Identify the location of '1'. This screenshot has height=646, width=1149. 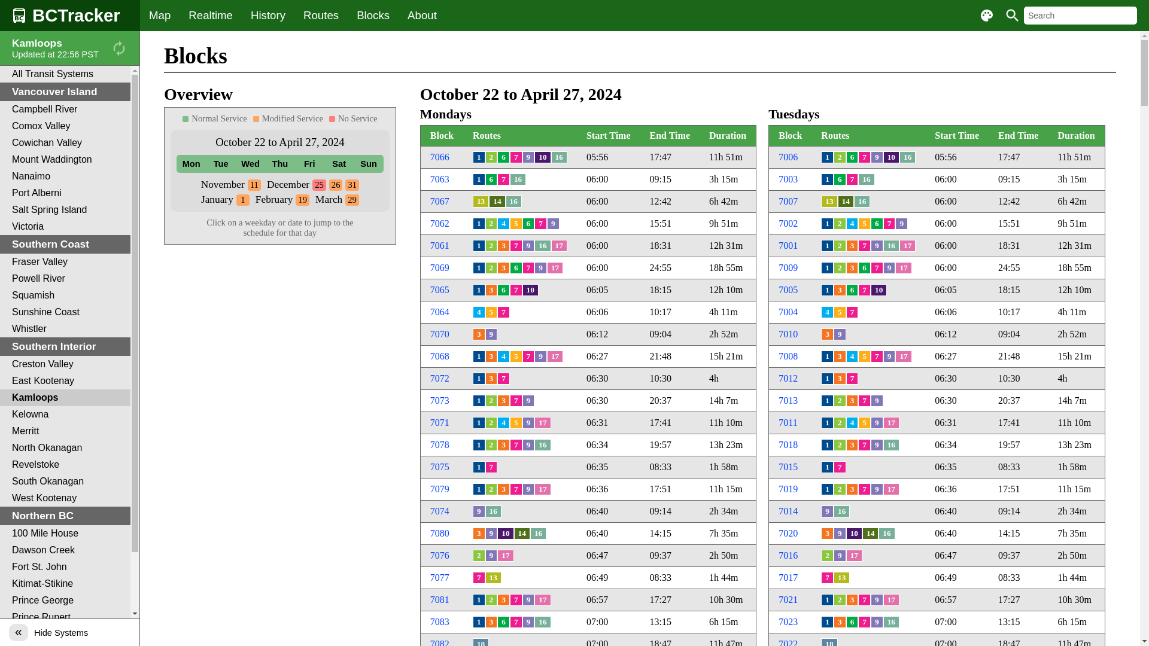
(236, 199).